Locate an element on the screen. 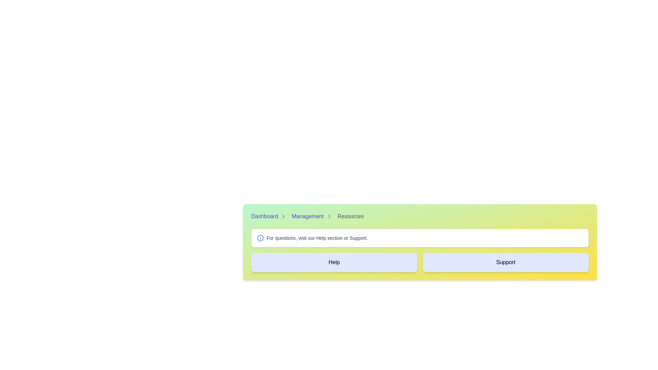 Image resolution: width=658 pixels, height=370 pixels. the 'Dashboard' hyperlink element, which is styled in bold indigo-blue and underlined on hover, located in the breadcrumb navigation near the top of the interface is located at coordinates (264, 217).